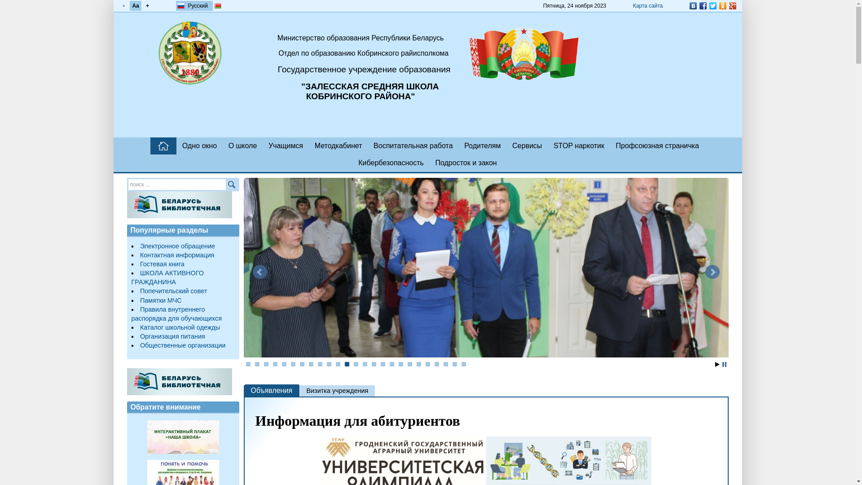 This screenshot has width=862, height=485. Describe the element at coordinates (147, 5) in the screenshot. I see `'+'` at that location.